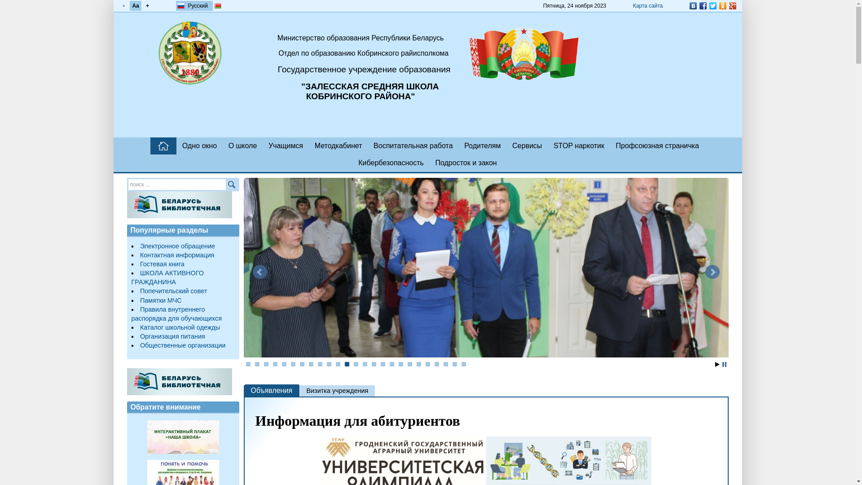 This screenshot has width=862, height=485. Describe the element at coordinates (147, 5) in the screenshot. I see `'+'` at that location.